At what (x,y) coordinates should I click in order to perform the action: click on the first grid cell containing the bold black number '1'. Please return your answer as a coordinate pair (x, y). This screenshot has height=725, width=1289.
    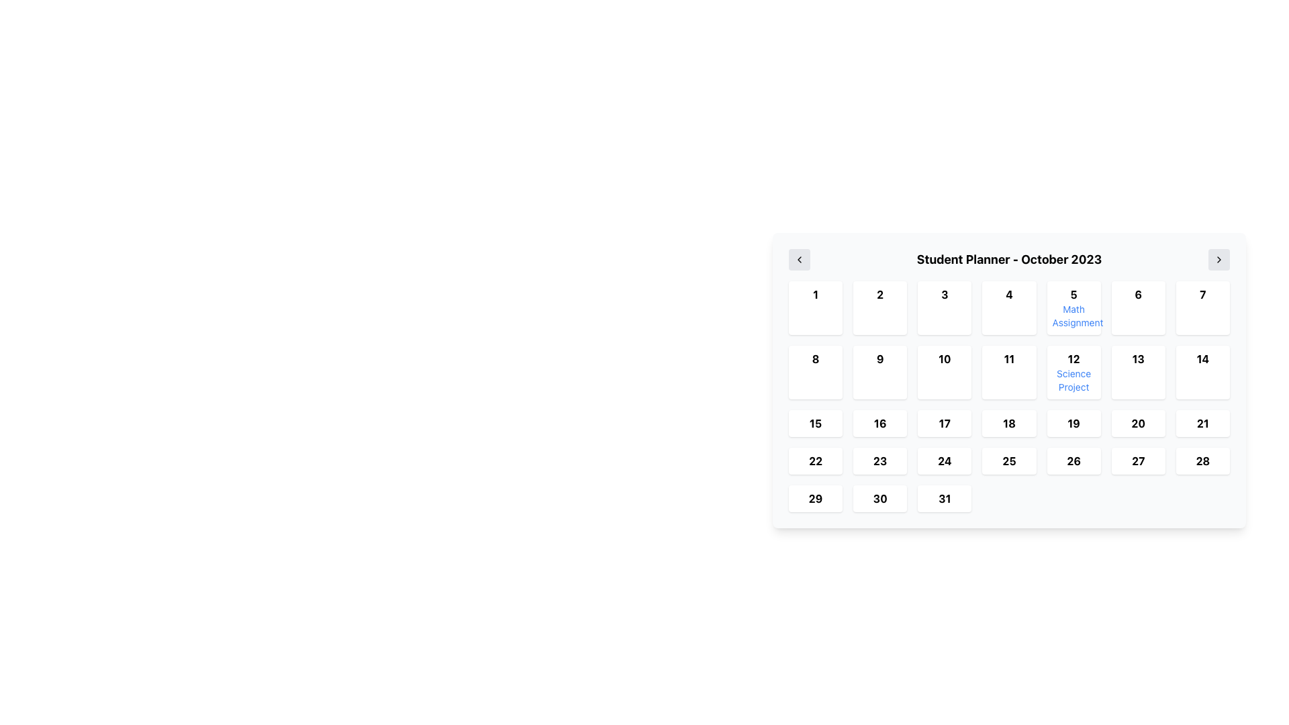
    Looking at the image, I should click on (814, 308).